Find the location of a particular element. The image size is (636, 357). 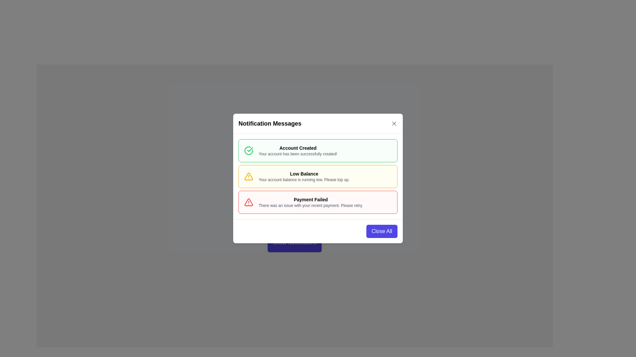

the green checkmark icon indicating a successful 'Account Created' notification at the top-left of the 'Notification Messages' dialog is located at coordinates (250, 149).